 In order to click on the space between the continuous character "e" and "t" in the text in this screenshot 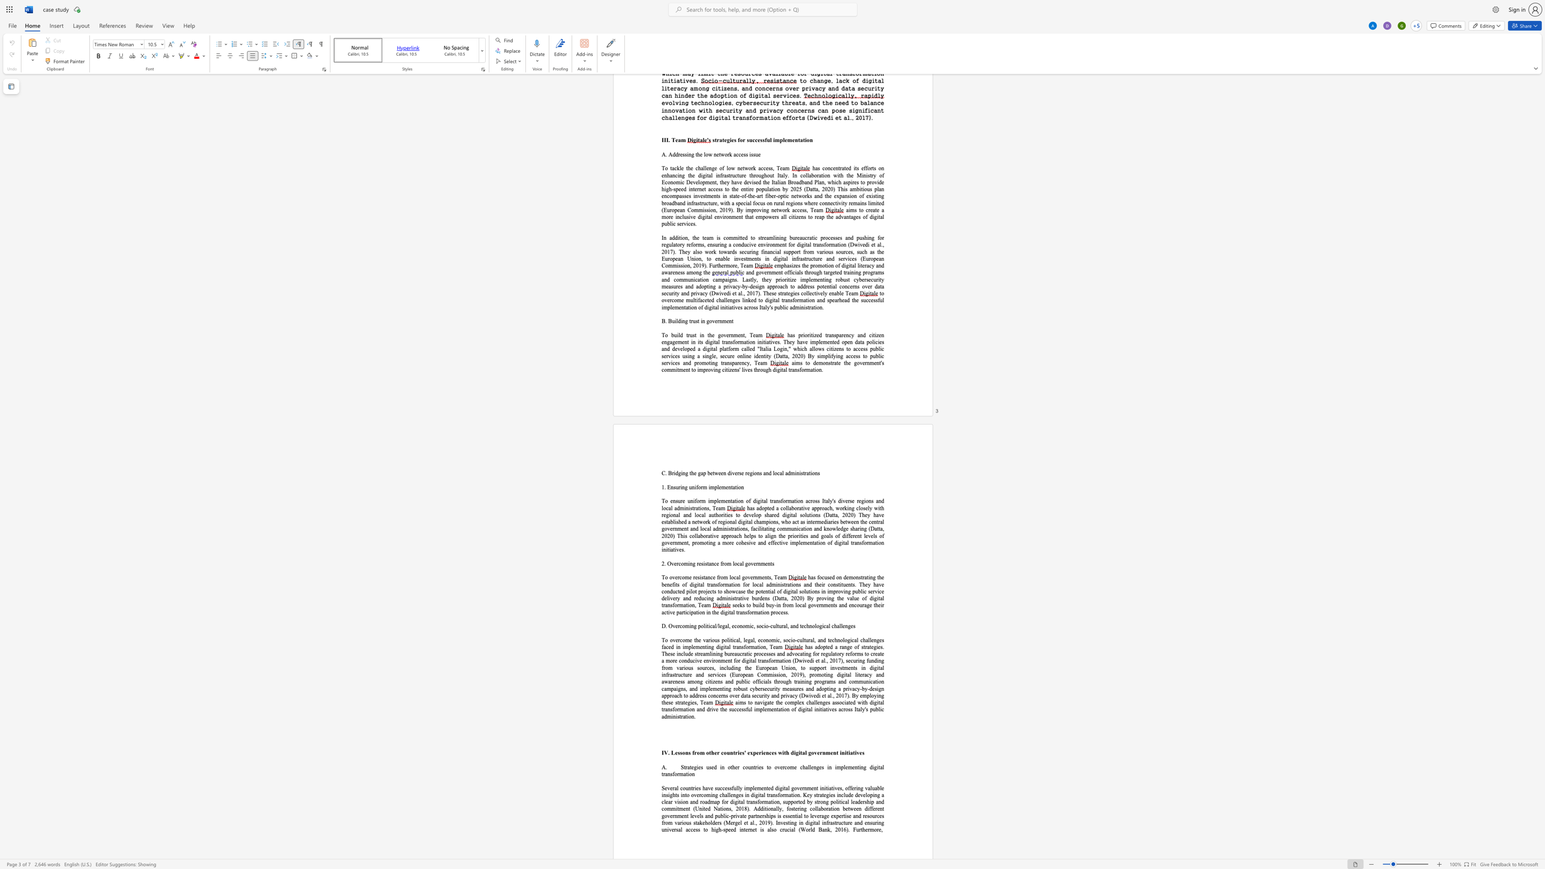, I will do `click(713, 473)`.